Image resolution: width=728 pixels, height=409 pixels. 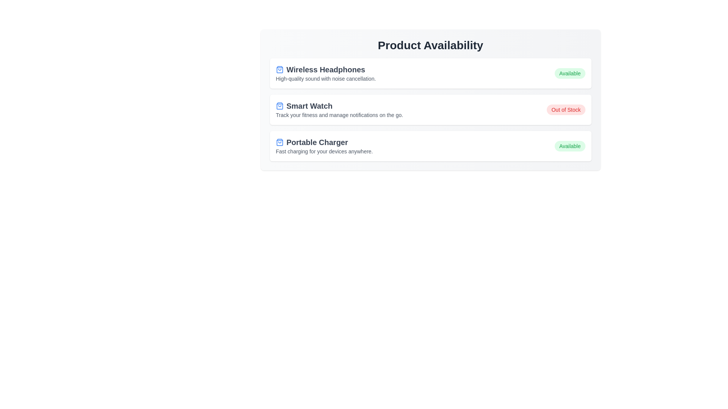 What do you see at coordinates (324, 142) in the screenshot?
I see `the product name to interact with its details. The parameter Portable Charger specifies the product to interact with` at bounding box center [324, 142].